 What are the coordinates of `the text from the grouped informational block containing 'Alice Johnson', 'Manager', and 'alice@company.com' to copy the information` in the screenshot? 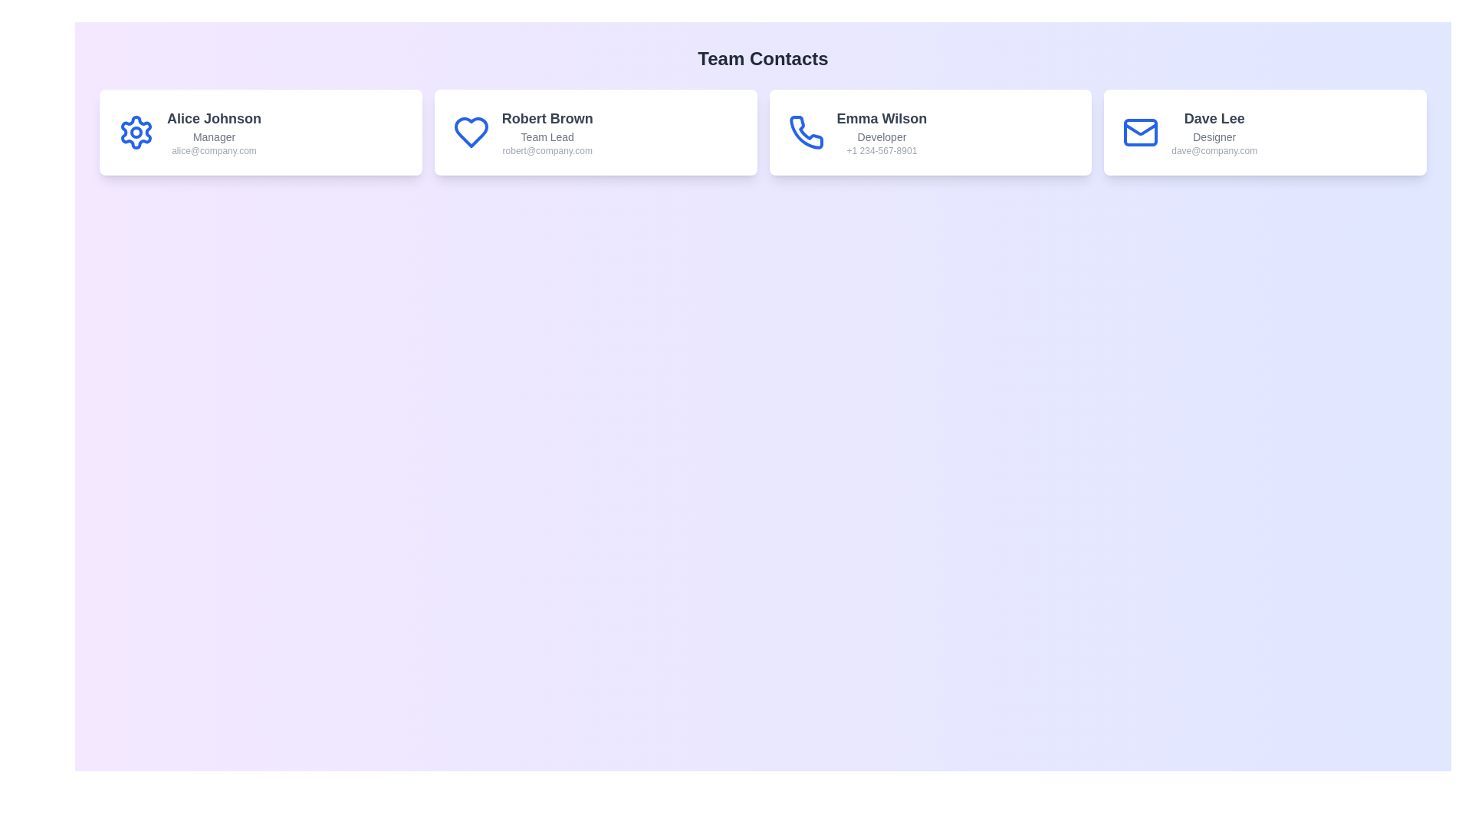 It's located at (213, 132).